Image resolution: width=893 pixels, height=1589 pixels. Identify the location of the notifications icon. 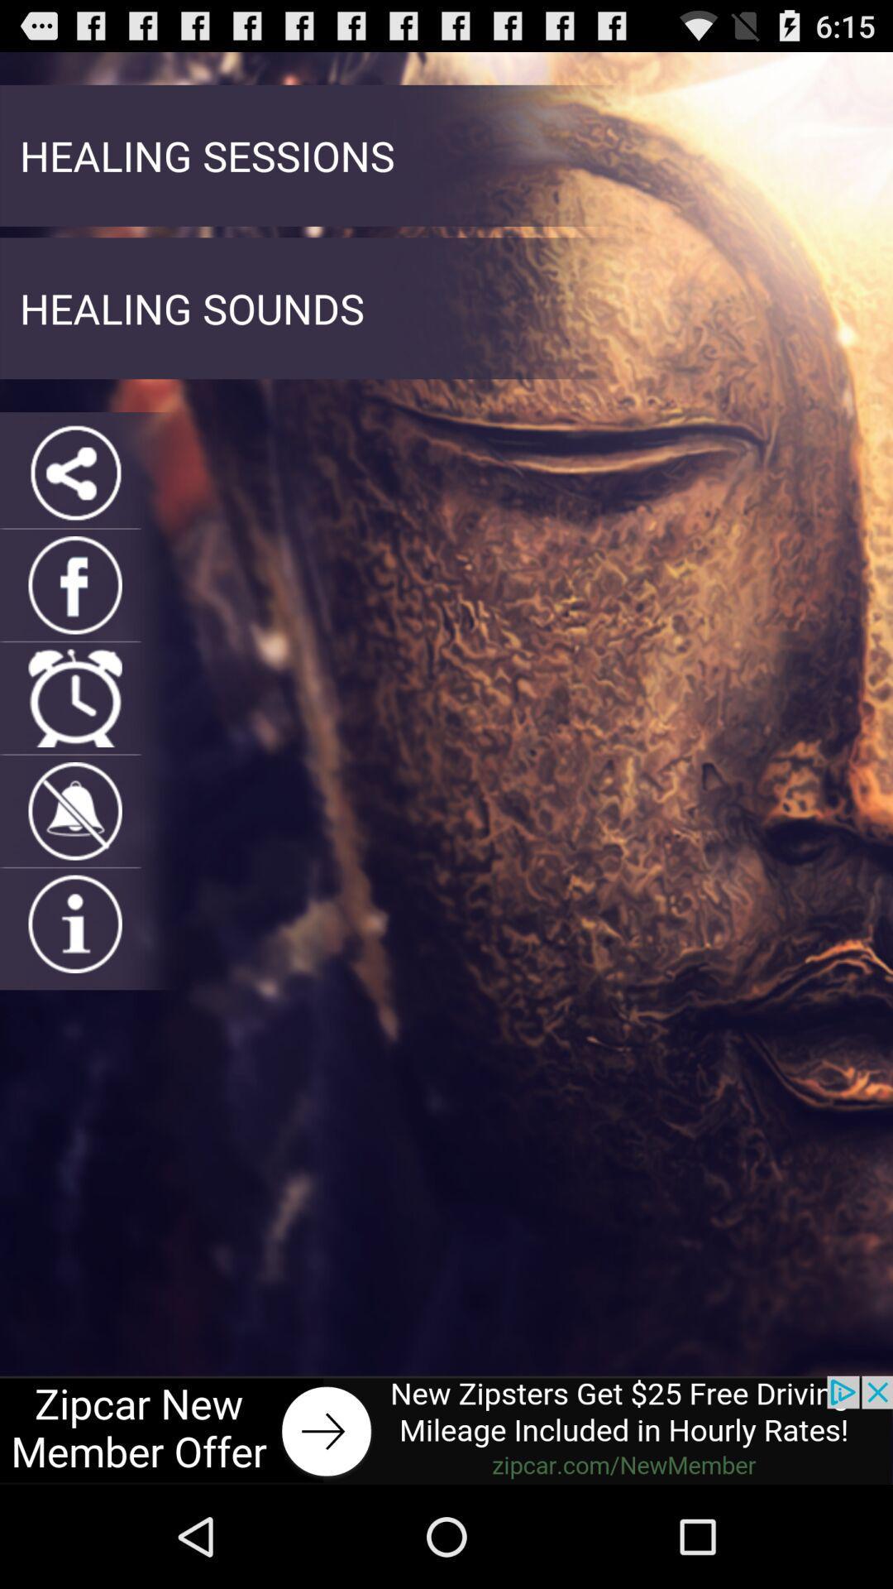
(75, 867).